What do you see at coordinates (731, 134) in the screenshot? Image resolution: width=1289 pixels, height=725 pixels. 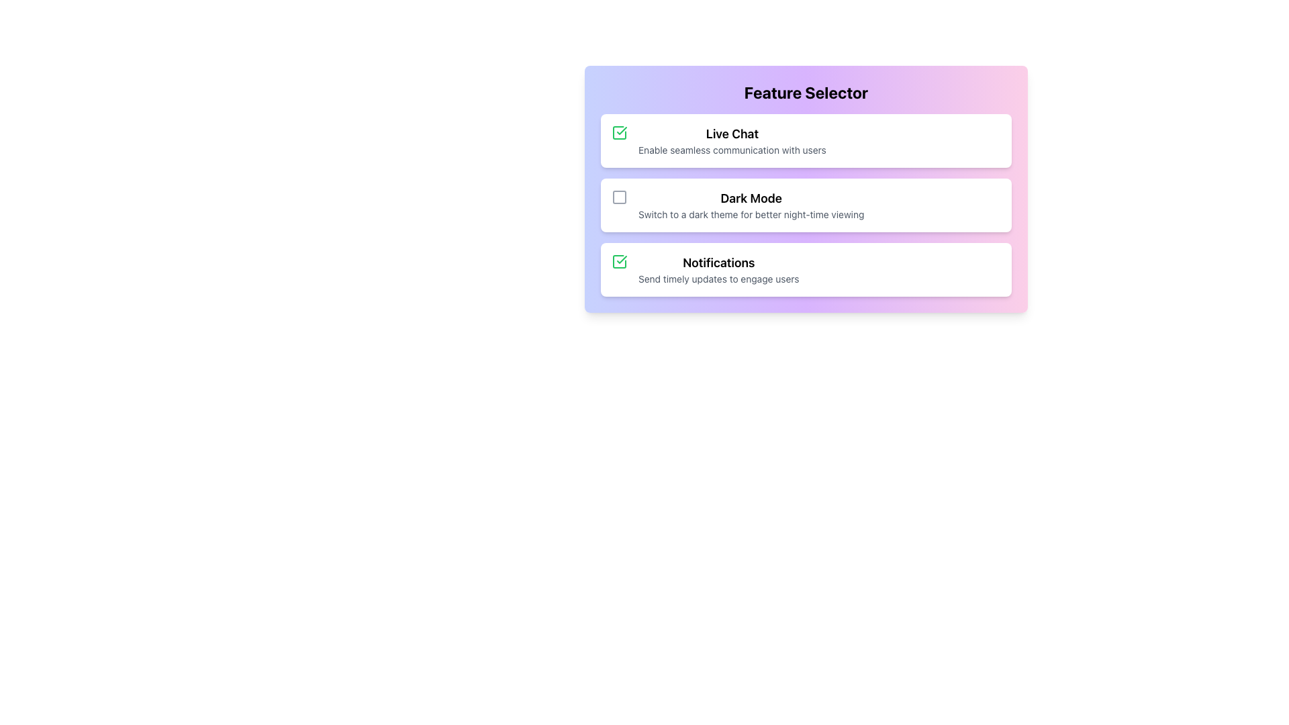 I see `the 'Live Chat' text label, which is prominently displayed in bold black font on a white background, located near the top of the 'Feature Selector' card` at bounding box center [731, 134].